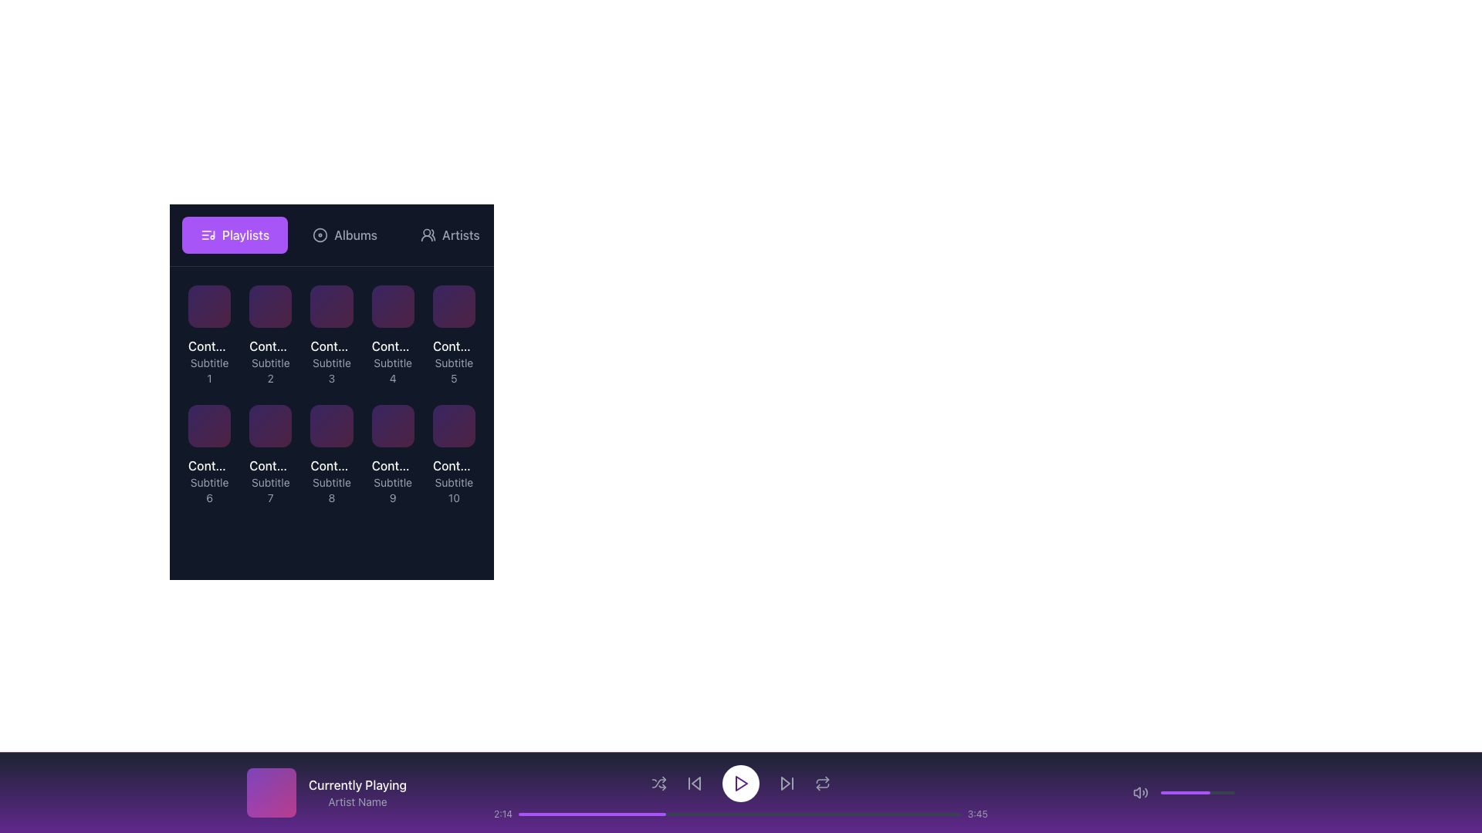 The height and width of the screenshot is (833, 1482). What do you see at coordinates (208, 454) in the screenshot?
I see `the playback button located in the sixth item of the grid in the second row` at bounding box center [208, 454].